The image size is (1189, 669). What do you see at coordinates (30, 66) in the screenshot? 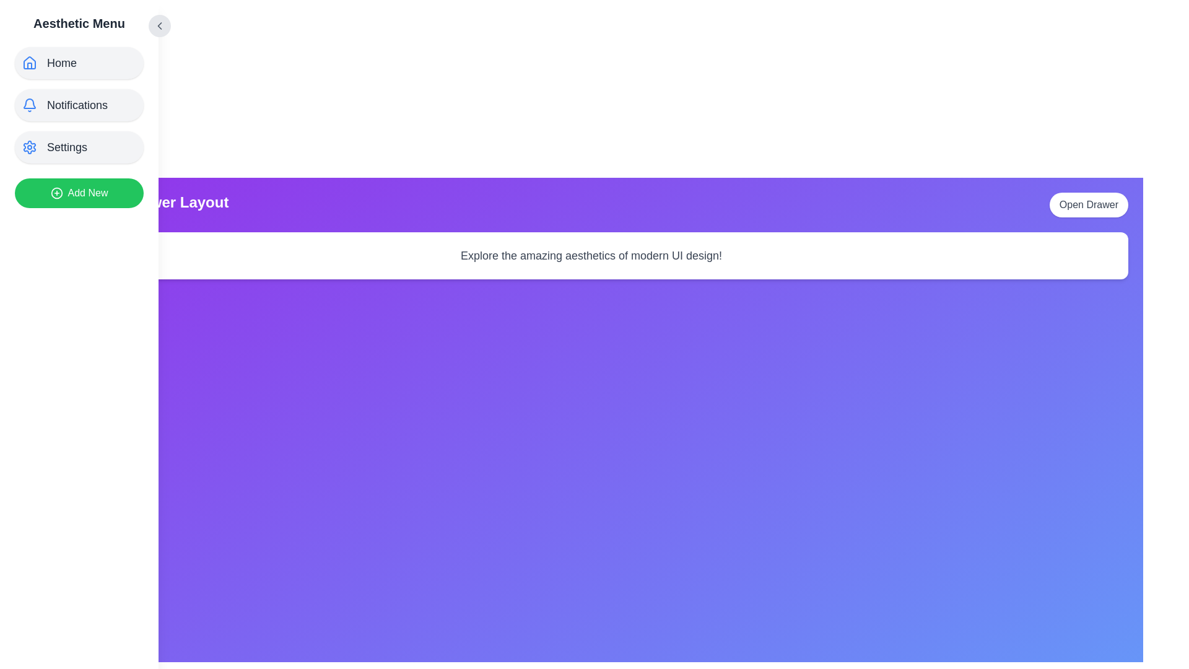
I see `the vertical rectangle icon representing a house located at the bottom of the house icon in the left side menu` at bounding box center [30, 66].